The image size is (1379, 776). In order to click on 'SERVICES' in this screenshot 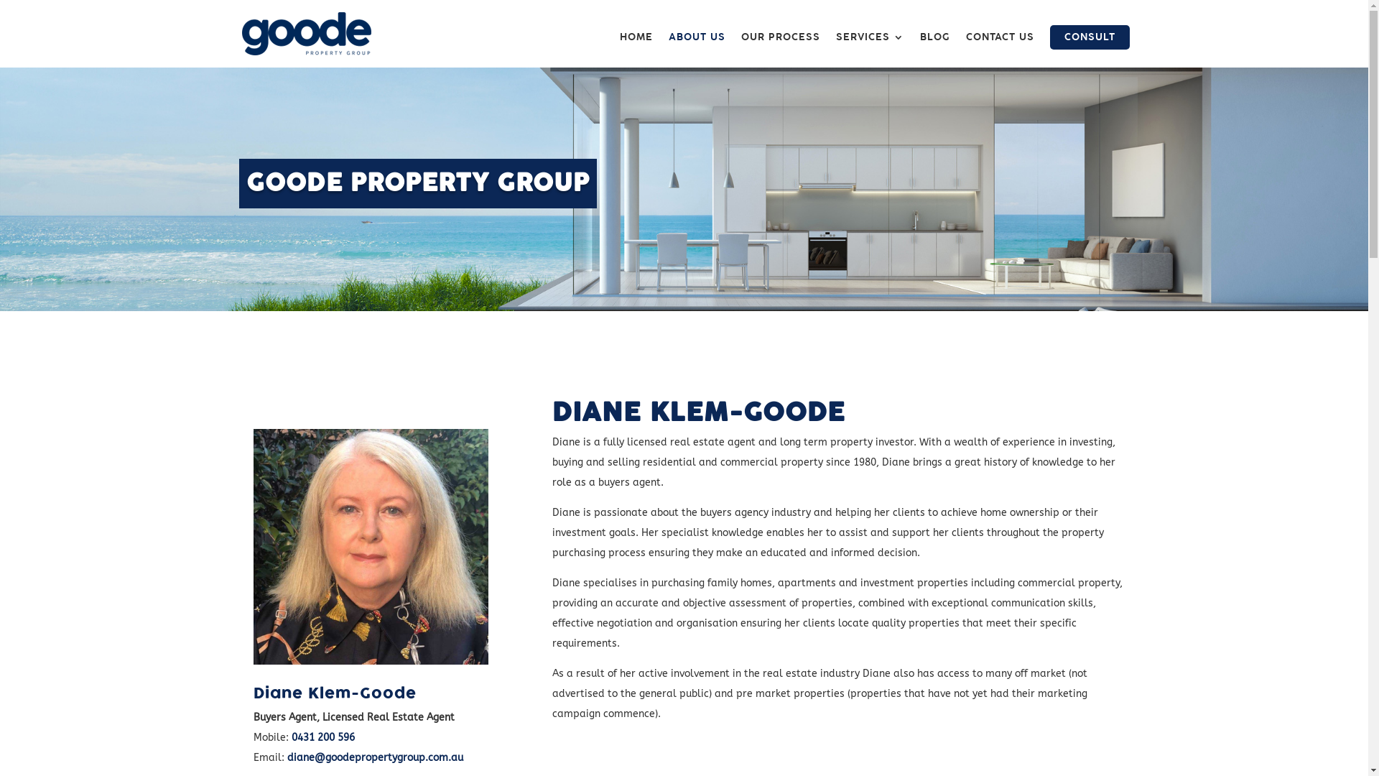, I will do `click(869, 49)`.